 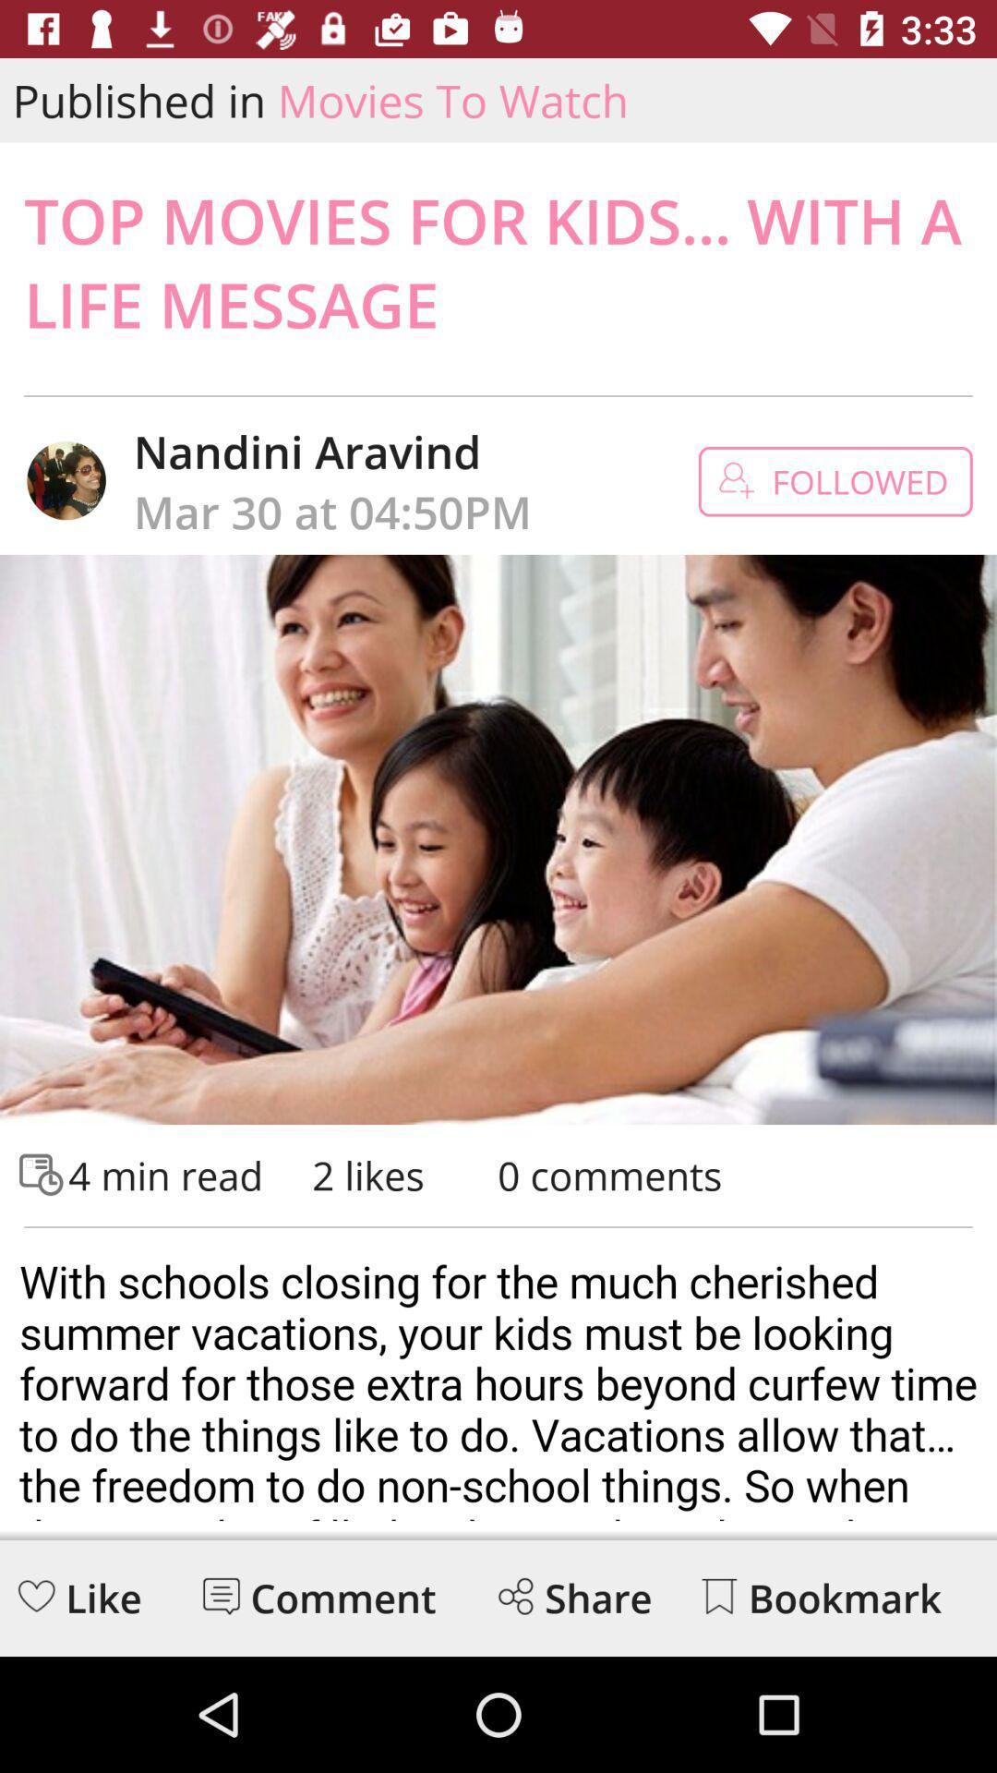 I want to click on comment section, so click(x=220, y=1595).